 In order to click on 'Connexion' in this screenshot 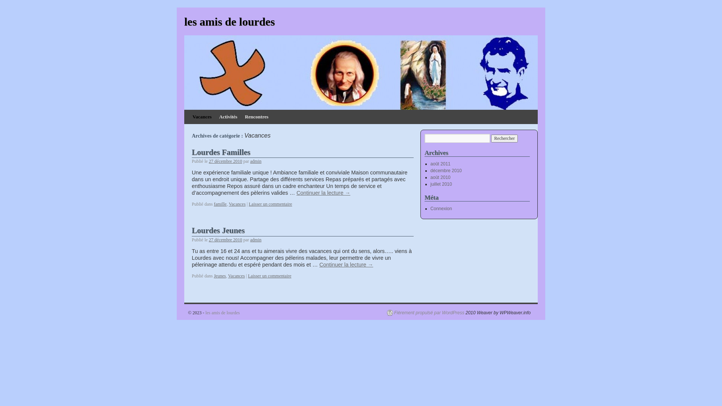, I will do `click(441, 209)`.